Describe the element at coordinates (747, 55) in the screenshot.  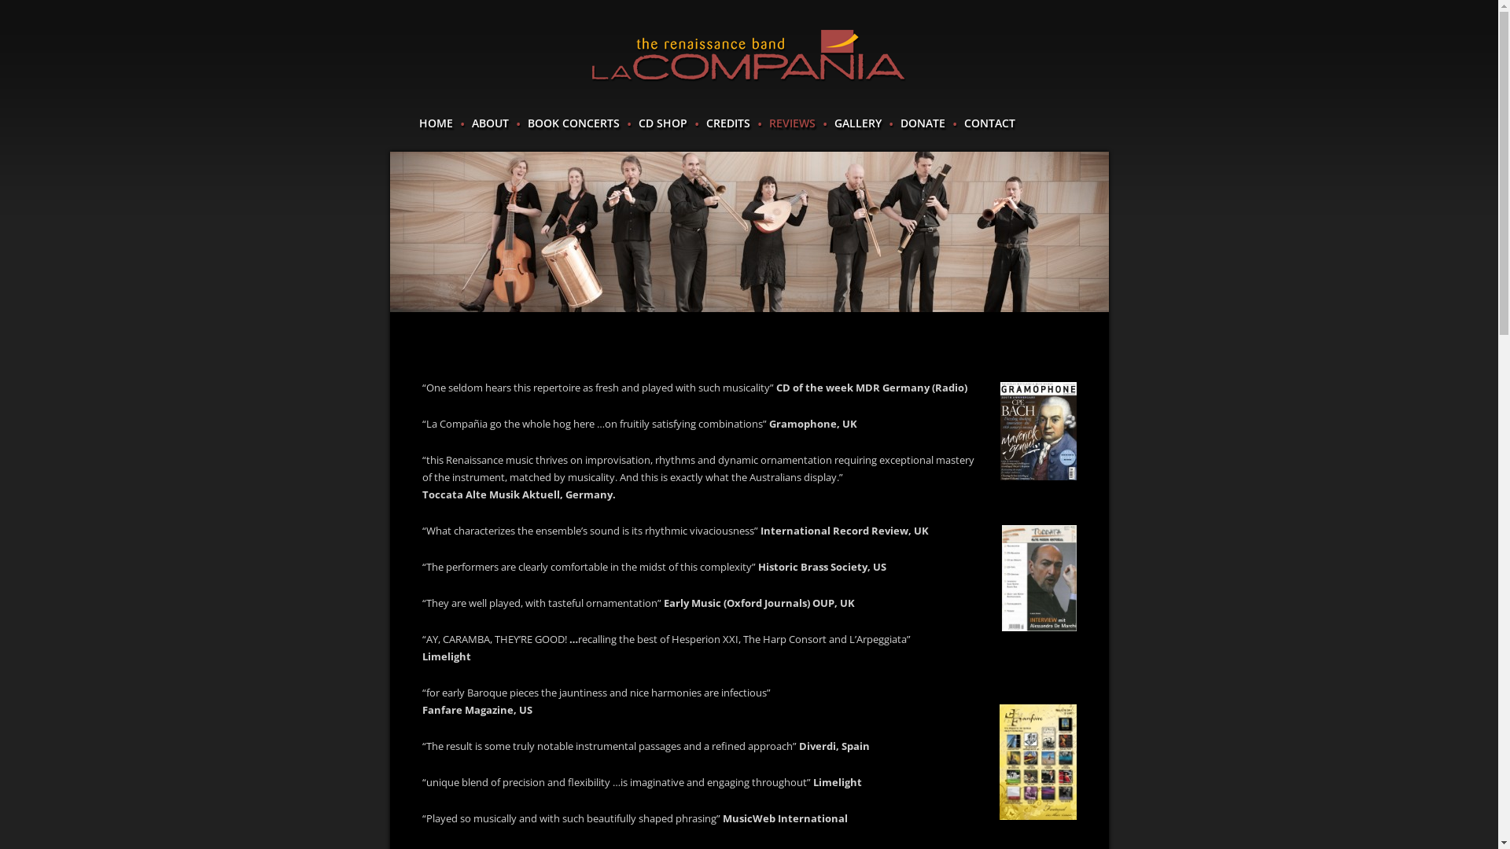
I see `'The Renaissance Band'` at that location.